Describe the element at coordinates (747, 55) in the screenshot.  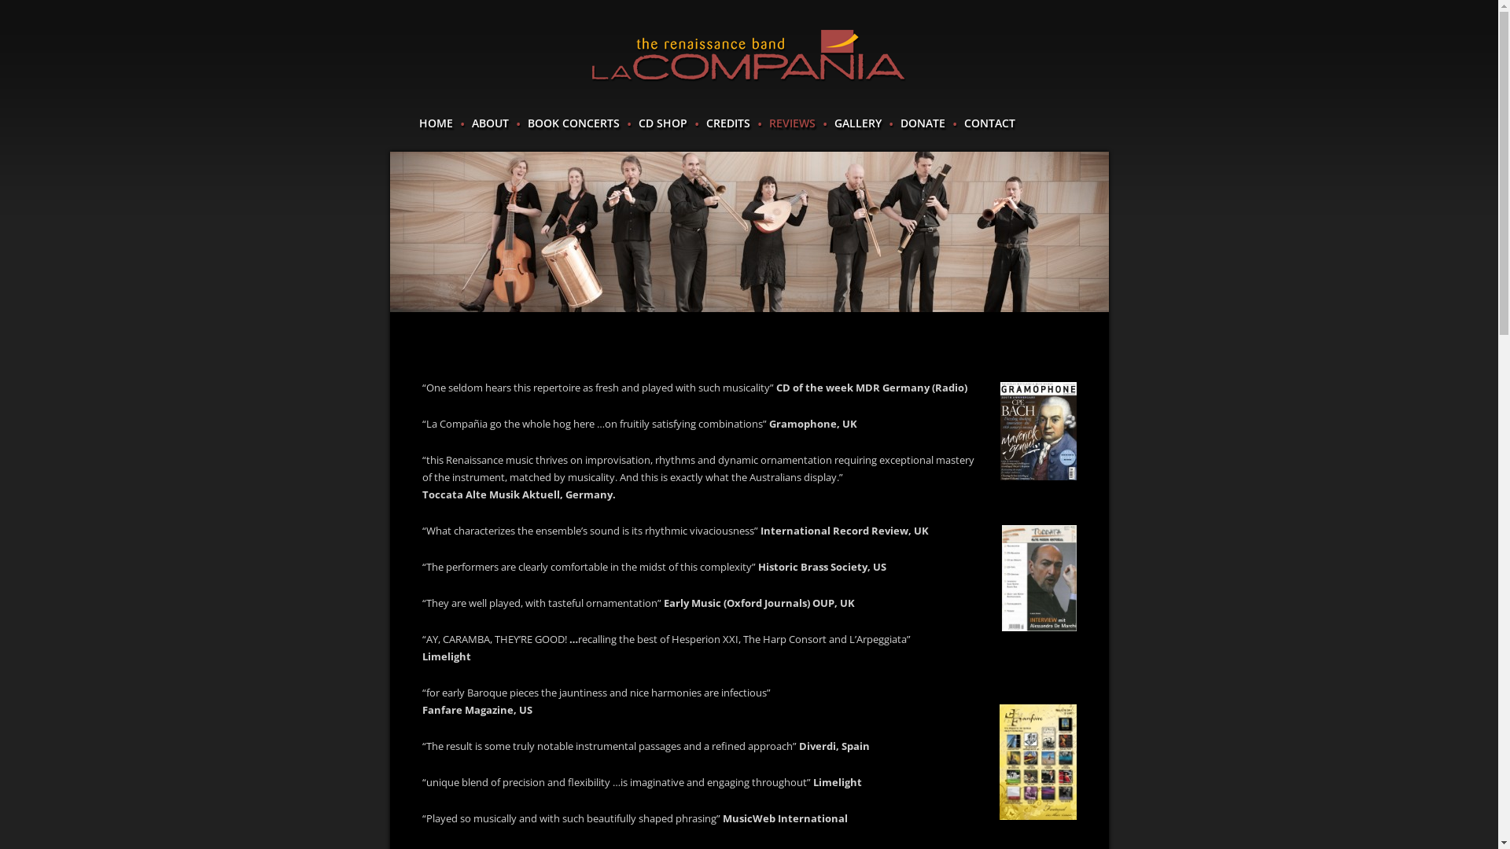
I see `'The Renaissance Band'` at that location.